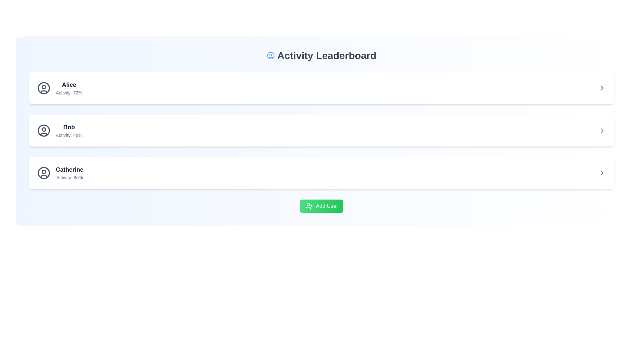 This screenshot has width=638, height=358. What do you see at coordinates (44, 171) in the screenshot?
I see `the inner circle of the profile icon located to the left of the label 'Catherine' in the third user entry from the top of the leaderboard list` at bounding box center [44, 171].